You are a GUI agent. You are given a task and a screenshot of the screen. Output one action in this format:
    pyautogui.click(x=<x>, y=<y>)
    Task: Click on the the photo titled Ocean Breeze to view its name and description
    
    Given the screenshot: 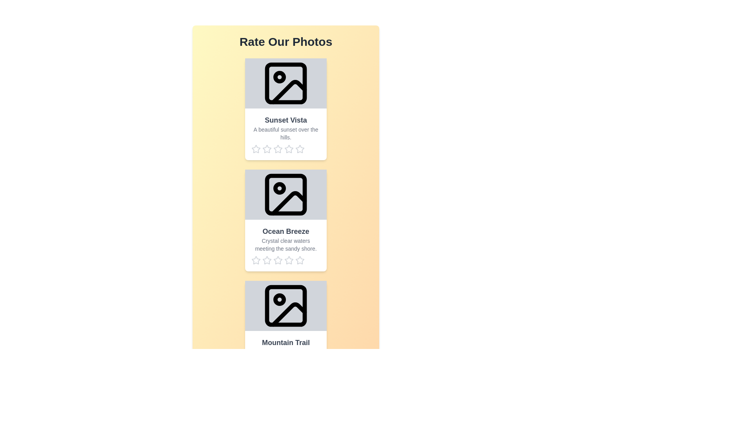 What is the action you would take?
    pyautogui.click(x=286, y=221)
    